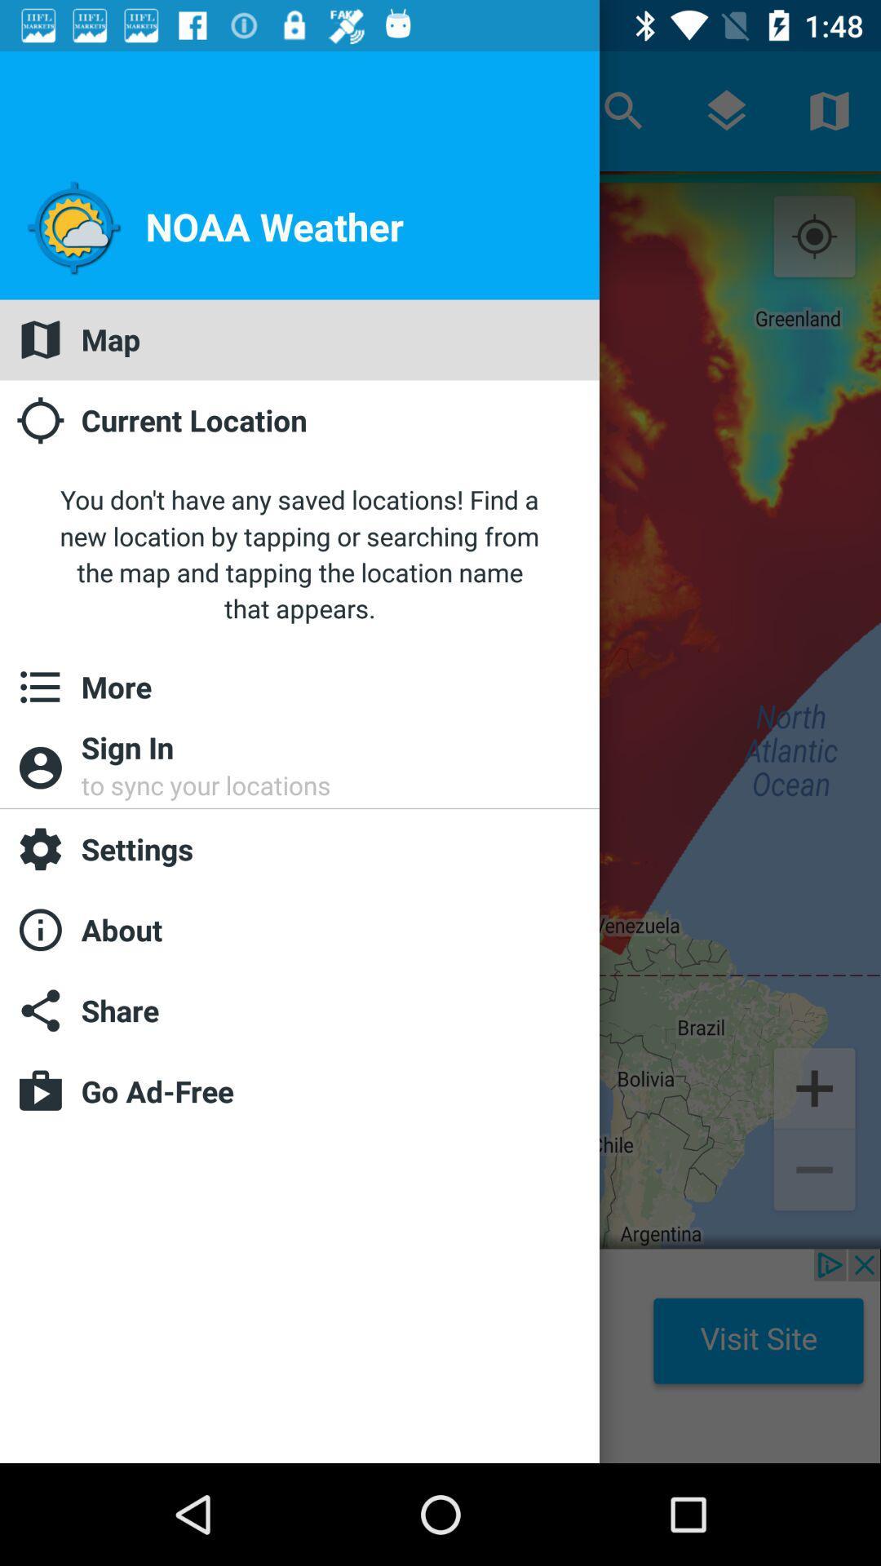 This screenshot has height=1566, width=881. I want to click on the minus icon, so click(814, 1171).